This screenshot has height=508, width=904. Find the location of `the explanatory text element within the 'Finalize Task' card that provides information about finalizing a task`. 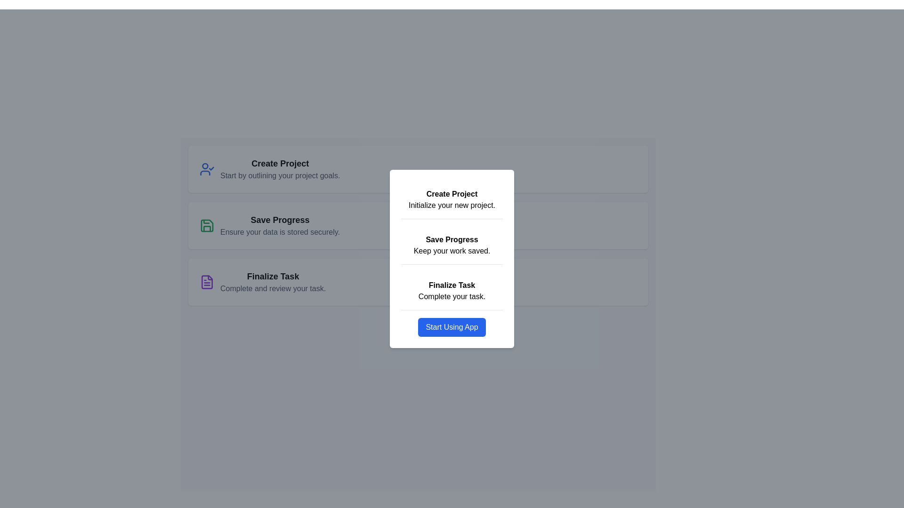

the explanatory text element within the 'Finalize Task' card that provides information about finalizing a task is located at coordinates (273, 282).